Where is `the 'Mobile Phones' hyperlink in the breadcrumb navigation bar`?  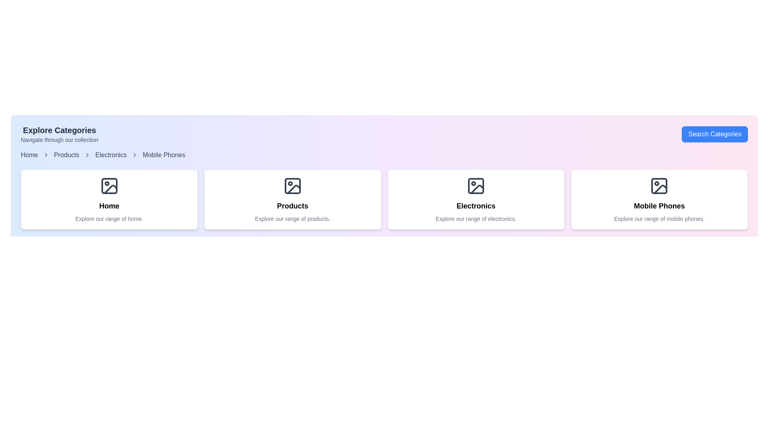
the 'Mobile Phones' hyperlink in the breadcrumb navigation bar is located at coordinates (163, 155).